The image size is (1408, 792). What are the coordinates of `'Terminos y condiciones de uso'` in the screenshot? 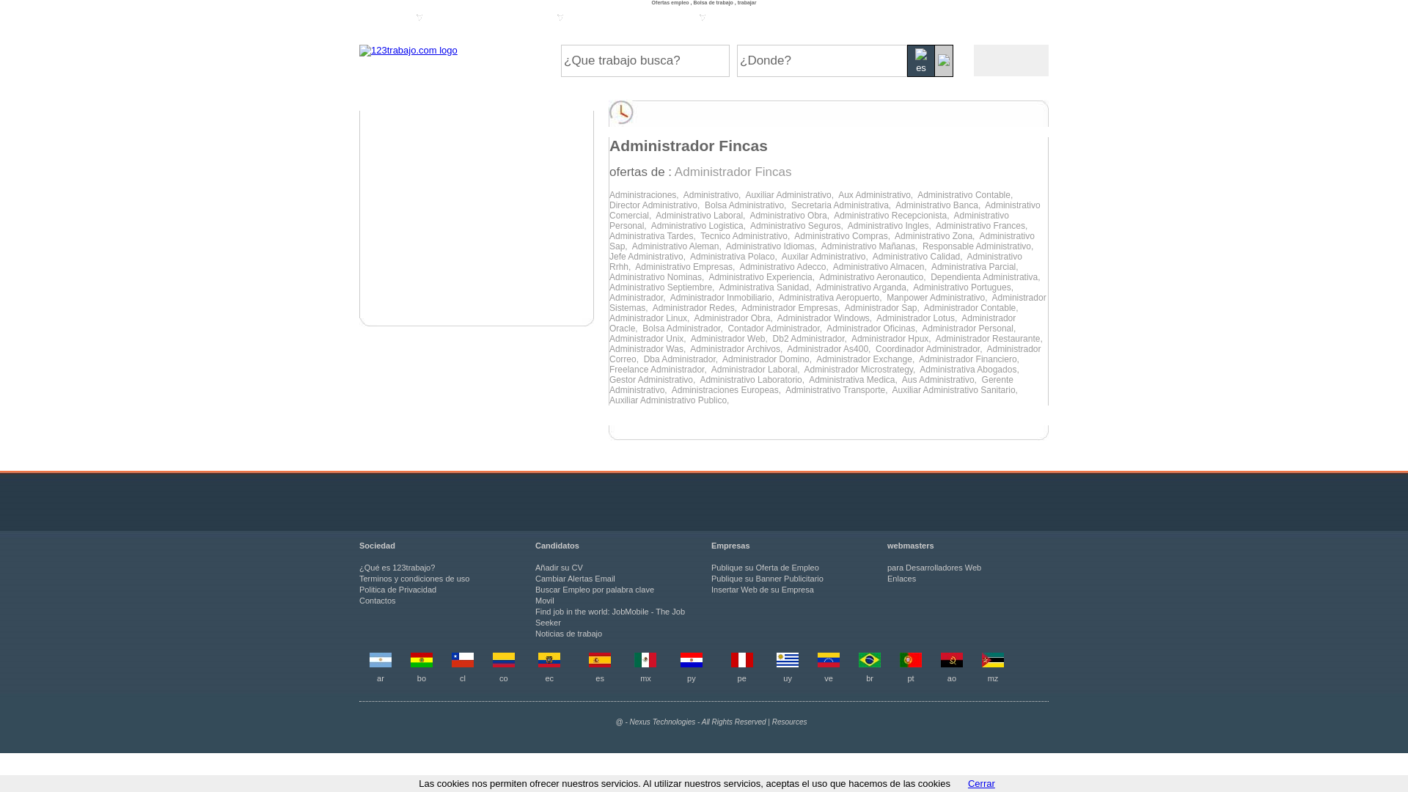 It's located at (414, 578).